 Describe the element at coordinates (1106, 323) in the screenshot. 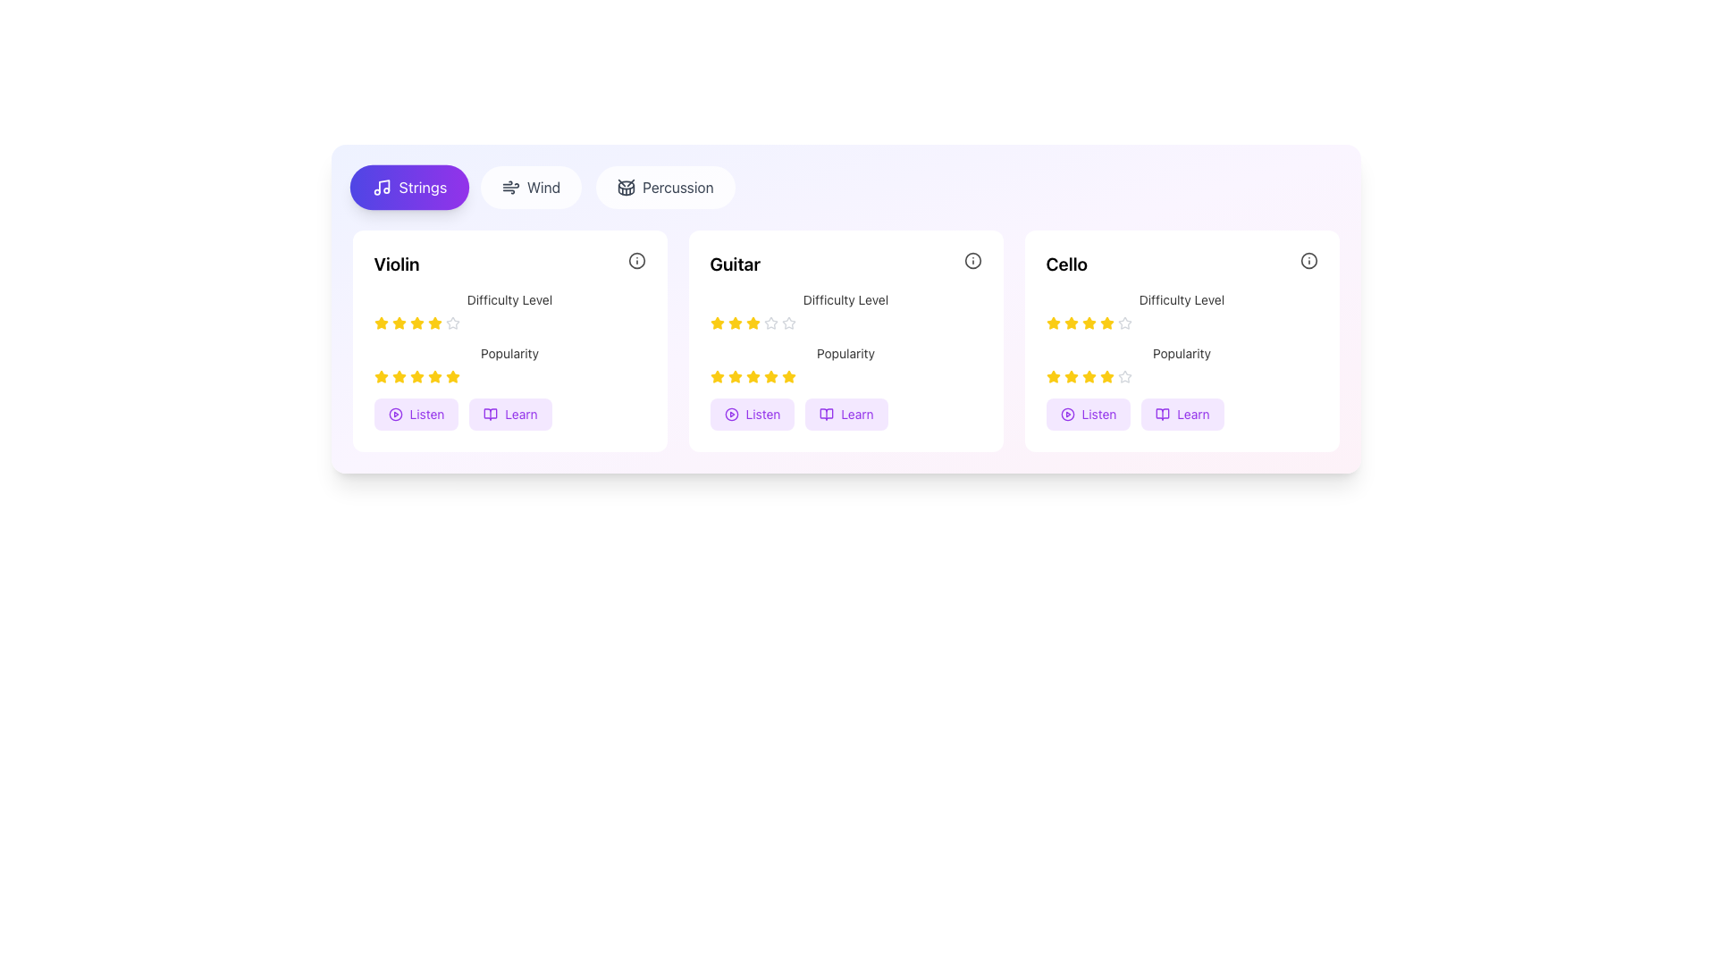

I see `the display properties of the fifth yellow star icon in a row of rating stars, which is used to indicate user ratings` at that location.